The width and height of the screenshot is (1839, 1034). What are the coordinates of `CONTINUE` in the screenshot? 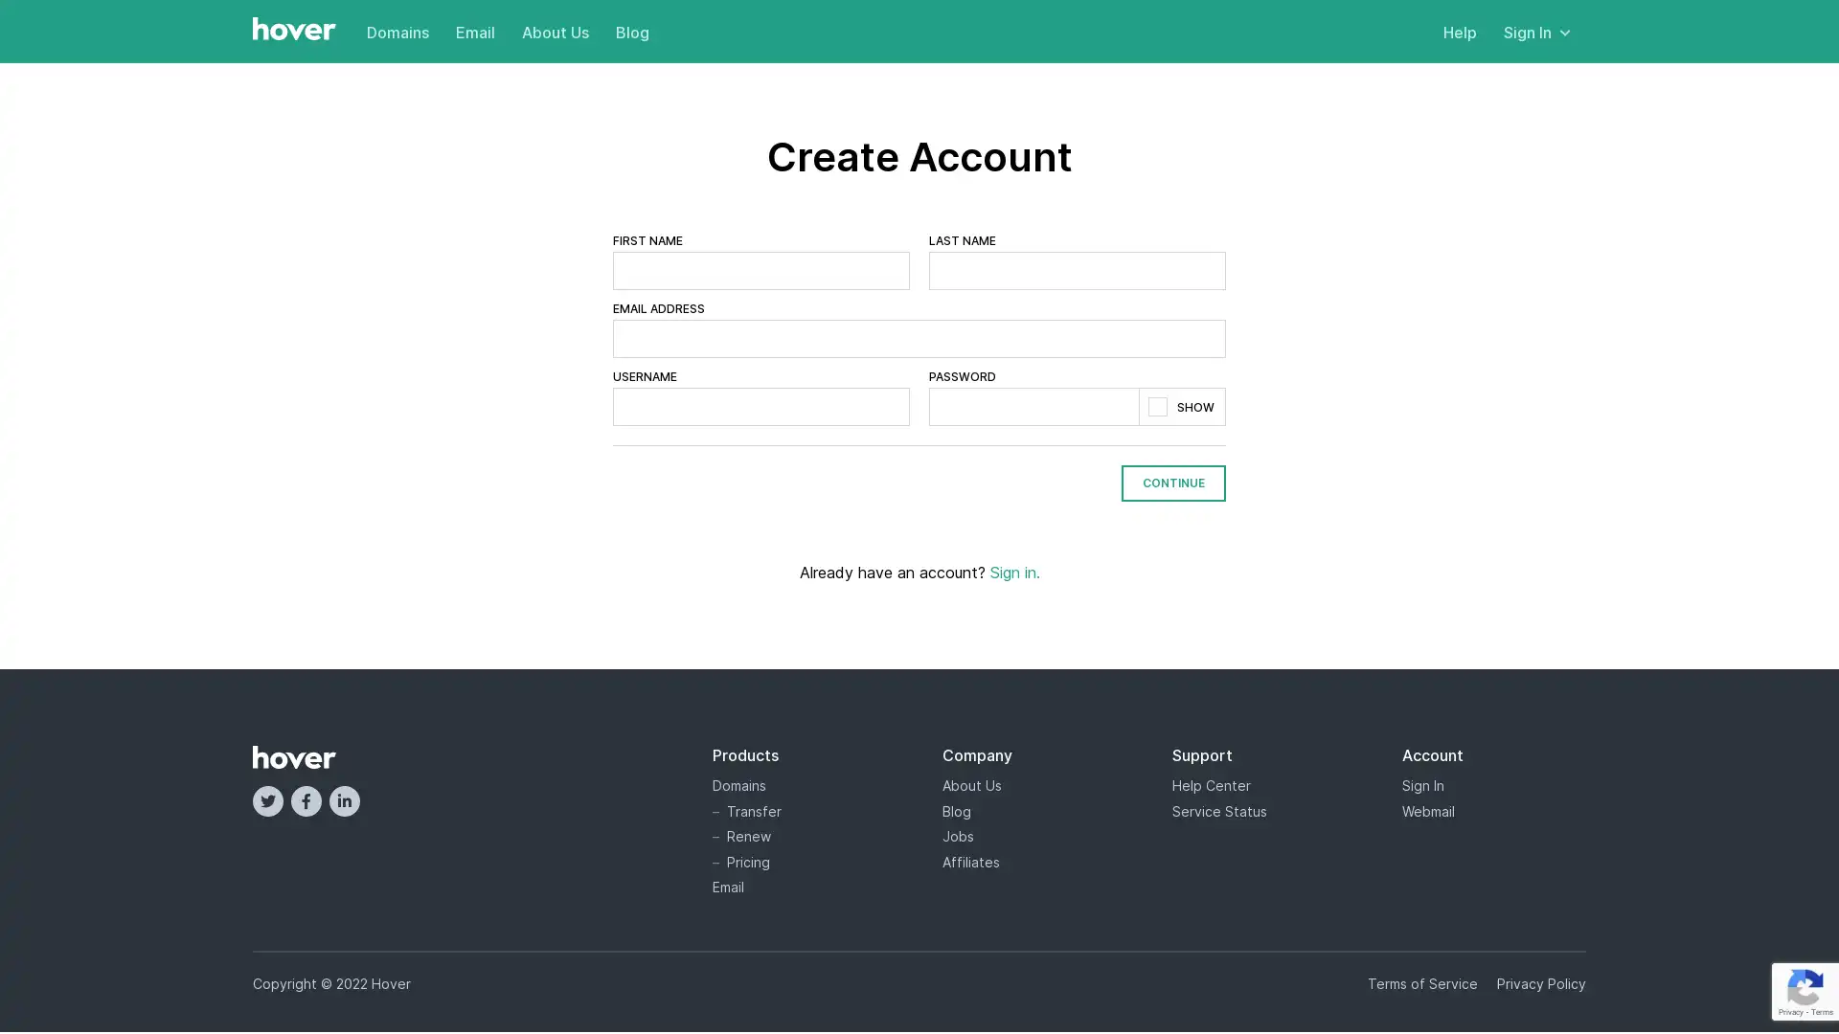 It's located at (1172, 482).